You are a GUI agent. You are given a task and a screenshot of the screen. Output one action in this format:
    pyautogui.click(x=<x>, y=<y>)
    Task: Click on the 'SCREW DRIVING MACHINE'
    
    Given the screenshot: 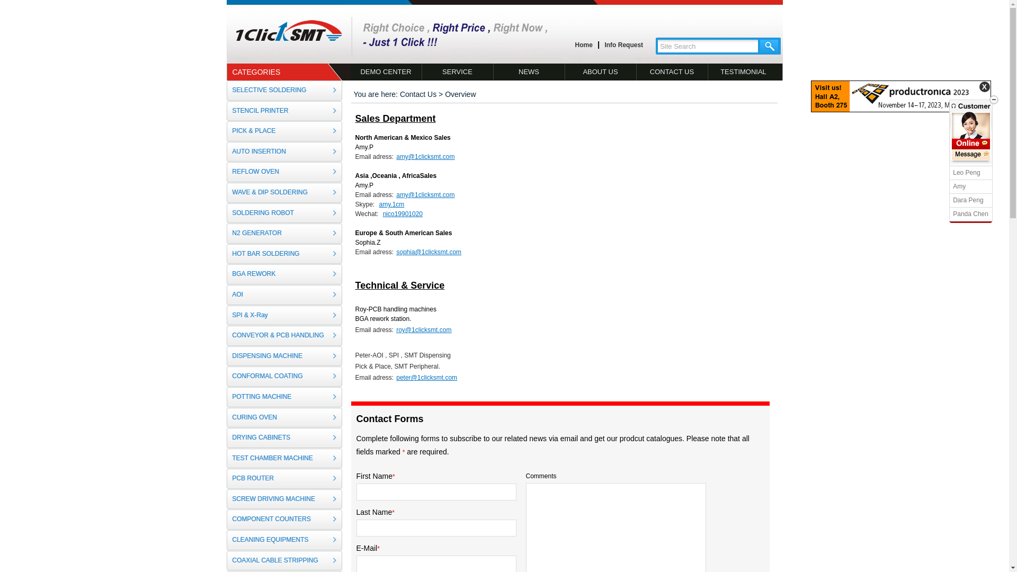 What is the action you would take?
    pyautogui.click(x=226, y=499)
    